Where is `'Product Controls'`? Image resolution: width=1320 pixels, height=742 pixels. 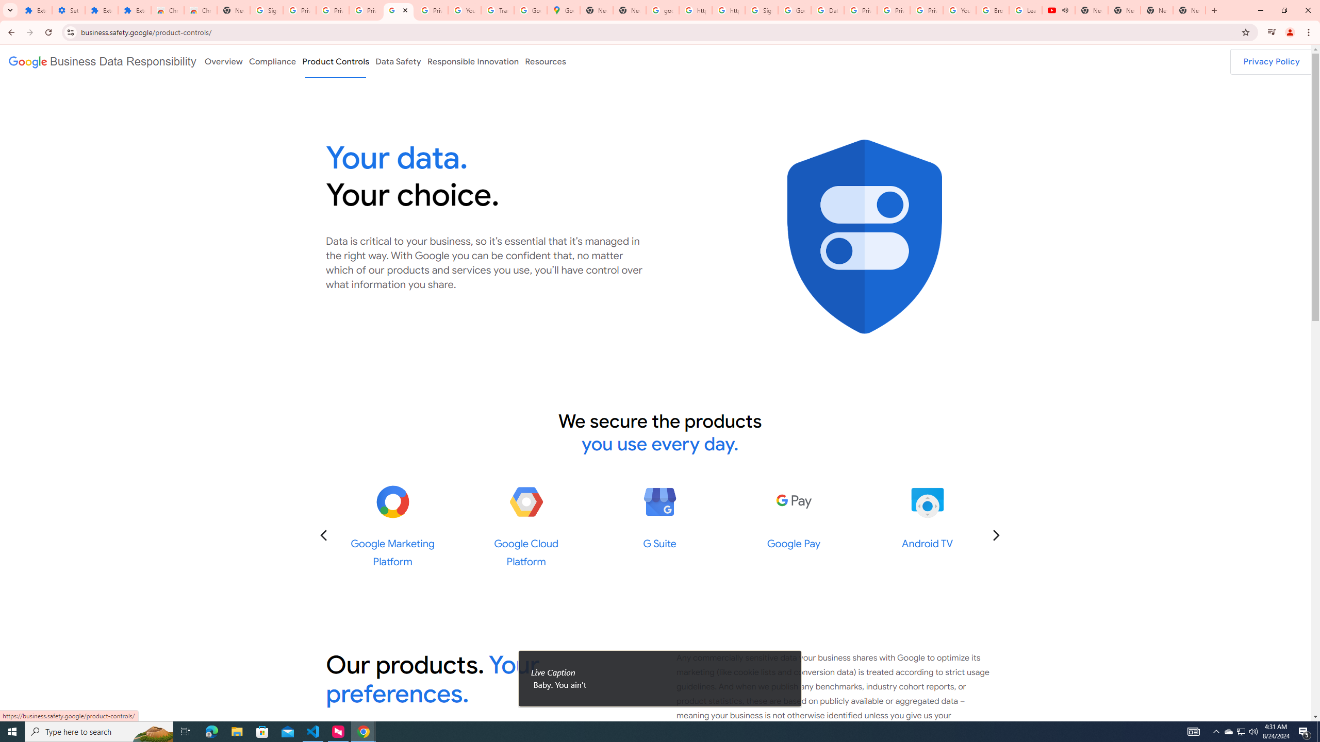
'Product Controls' is located at coordinates (336, 61).